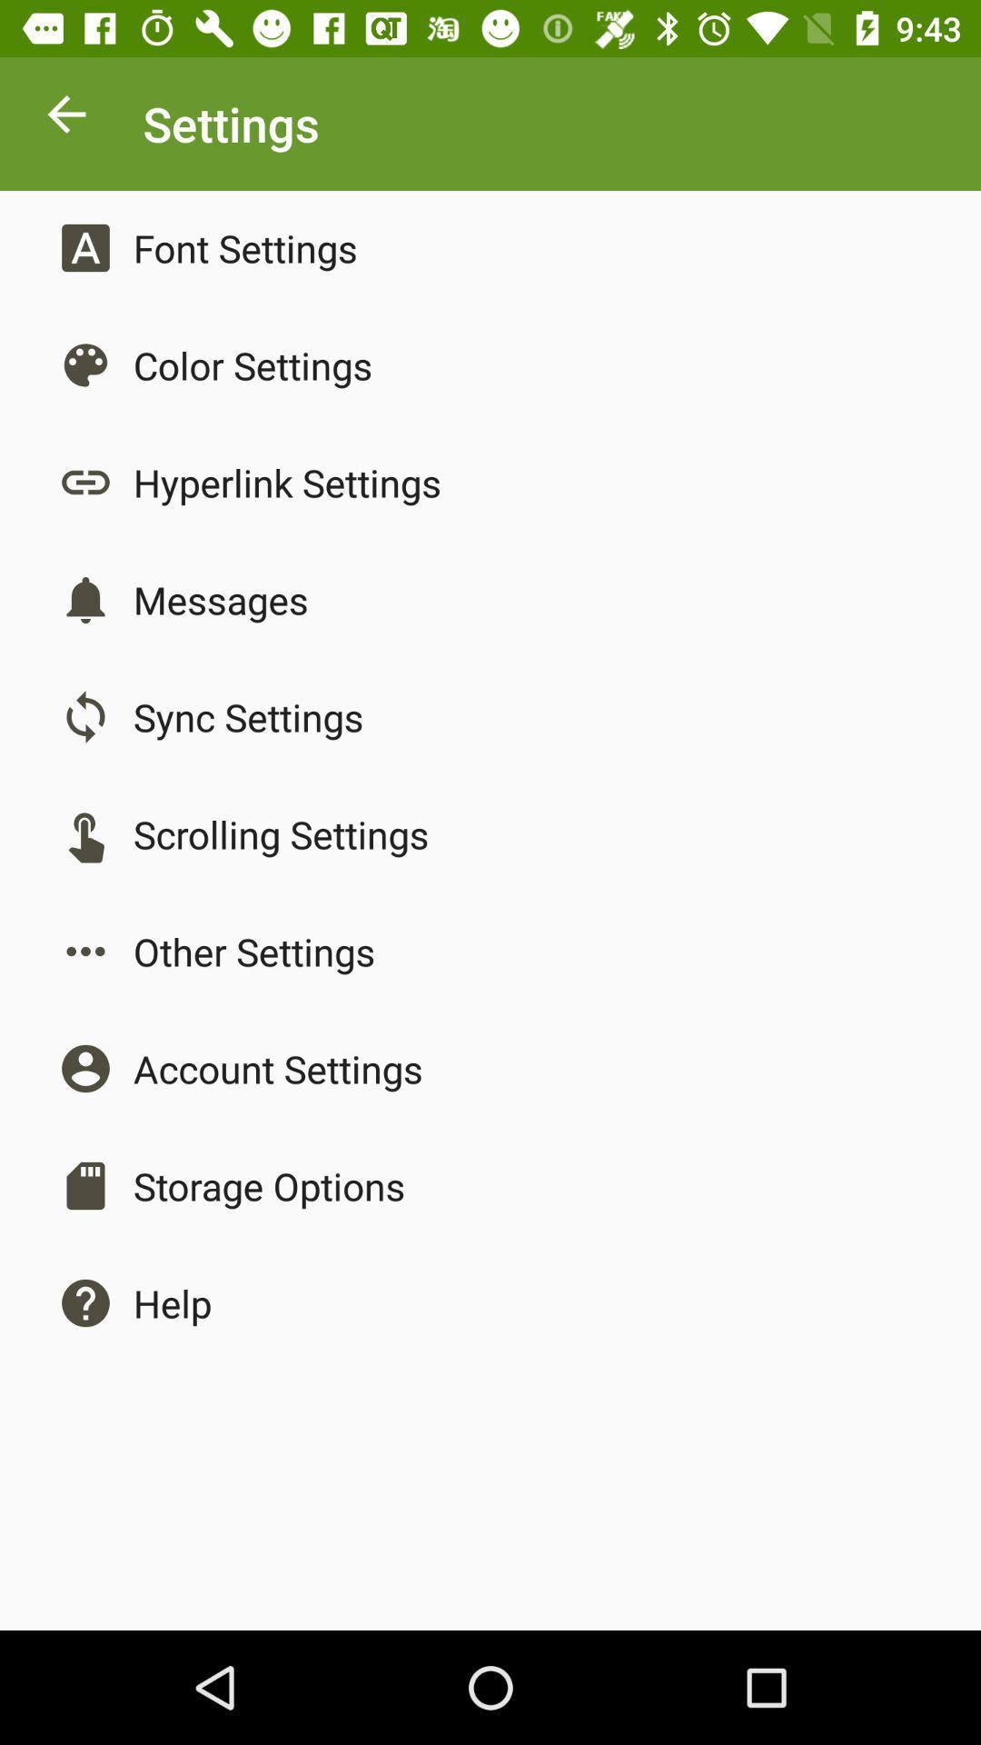 Image resolution: width=981 pixels, height=1745 pixels. What do you see at coordinates (278, 1069) in the screenshot?
I see `account settings item` at bounding box center [278, 1069].